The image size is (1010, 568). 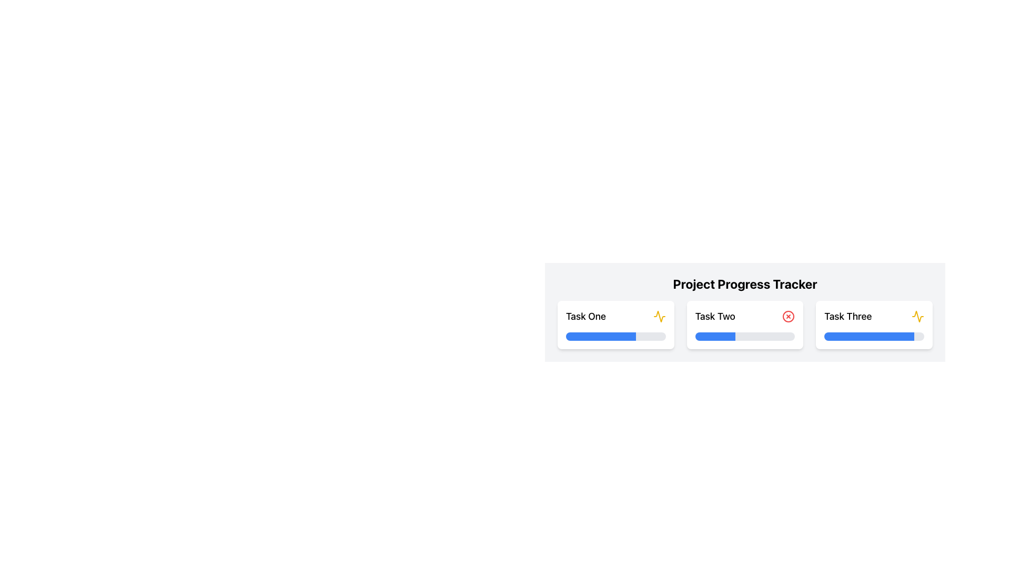 What do you see at coordinates (744, 312) in the screenshot?
I see `the Card representing 'Task Two' in the Project Progress Tracker` at bounding box center [744, 312].